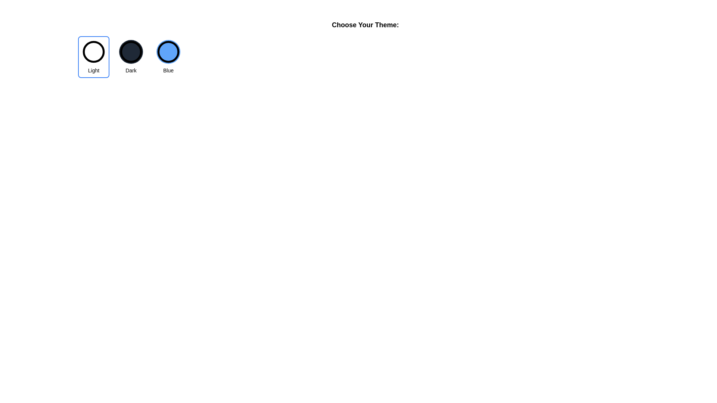  I want to click on the circular visual indicator for the 'Blue' theme, so click(168, 51).